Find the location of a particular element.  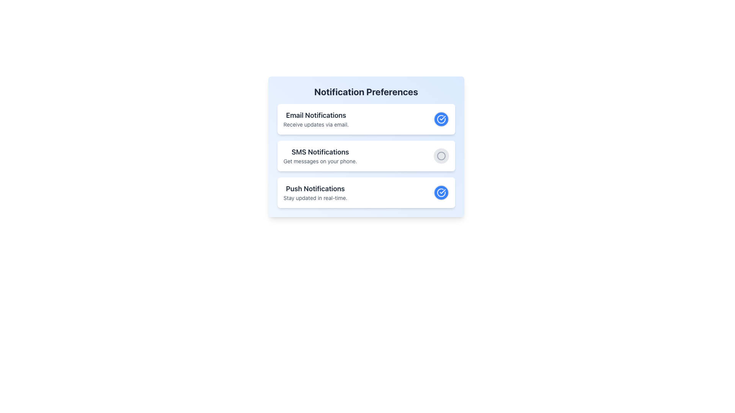

the circular icon representing the unselected state of the SMS Notifications option, which is located in the second row of notification preferences is located at coordinates (441, 156).